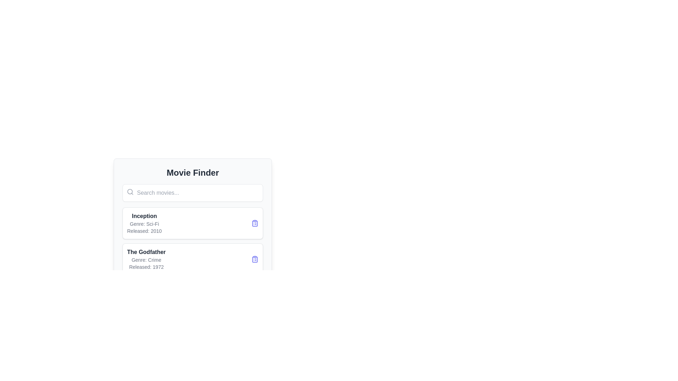  Describe the element at coordinates (144, 223) in the screenshot. I see `information displayed in the Text Block that provides details about the movie, including its title, genre, and release year, located in the first row of the movie search interface under the 'Movie Finder' heading` at that location.